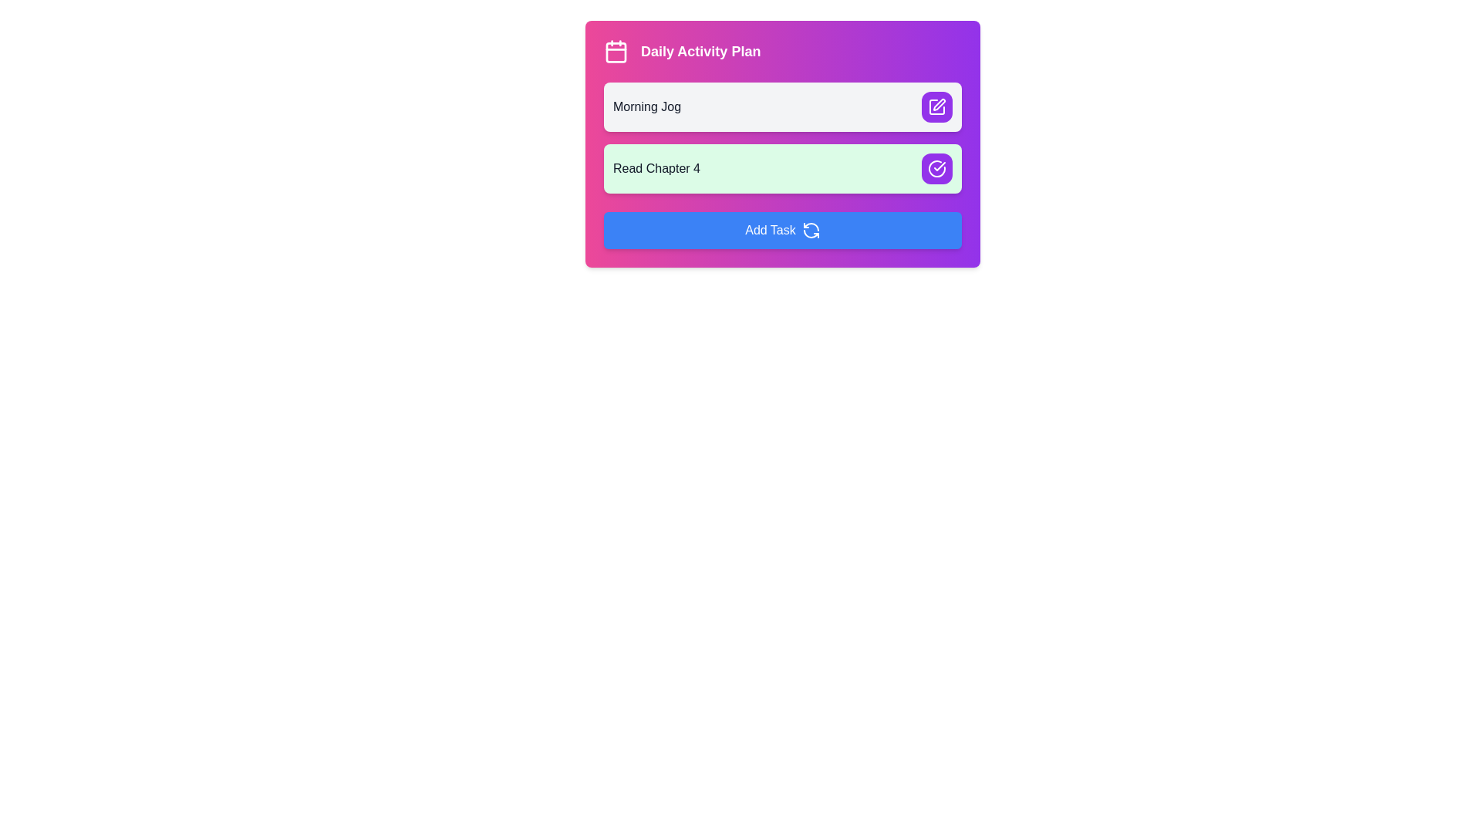 Image resolution: width=1481 pixels, height=833 pixels. What do you see at coordinates (656, 169) in the screenshot?
I see `the text display element that reads 'Read Chapter 4', which is located under the 'Daily Activity Plan' header and immediately below the 'Morning Jog' text input` at bounding box center [656, 169].